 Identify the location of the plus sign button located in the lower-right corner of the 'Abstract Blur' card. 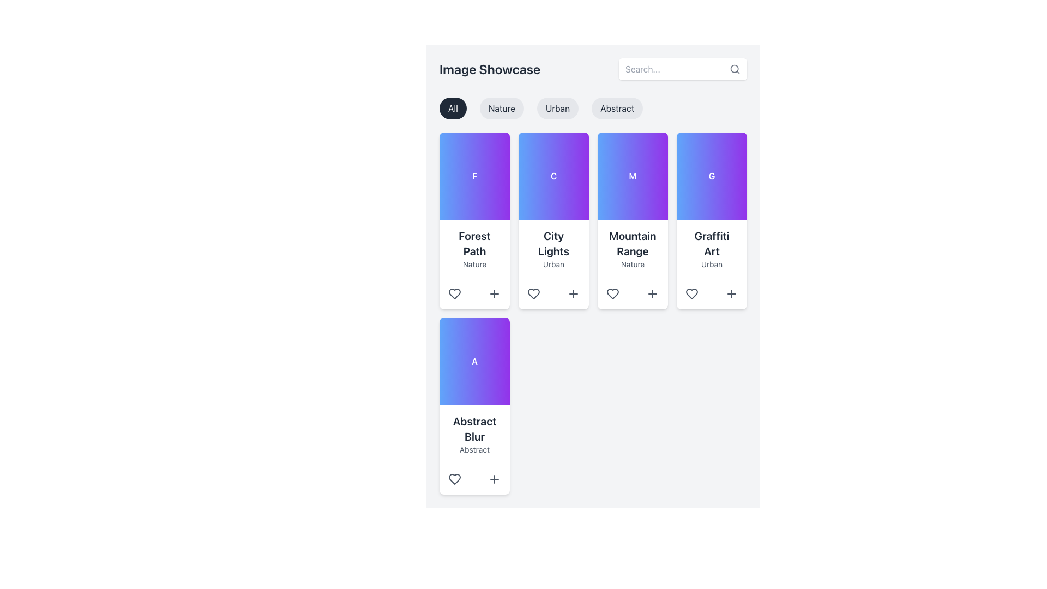
(494, 479).